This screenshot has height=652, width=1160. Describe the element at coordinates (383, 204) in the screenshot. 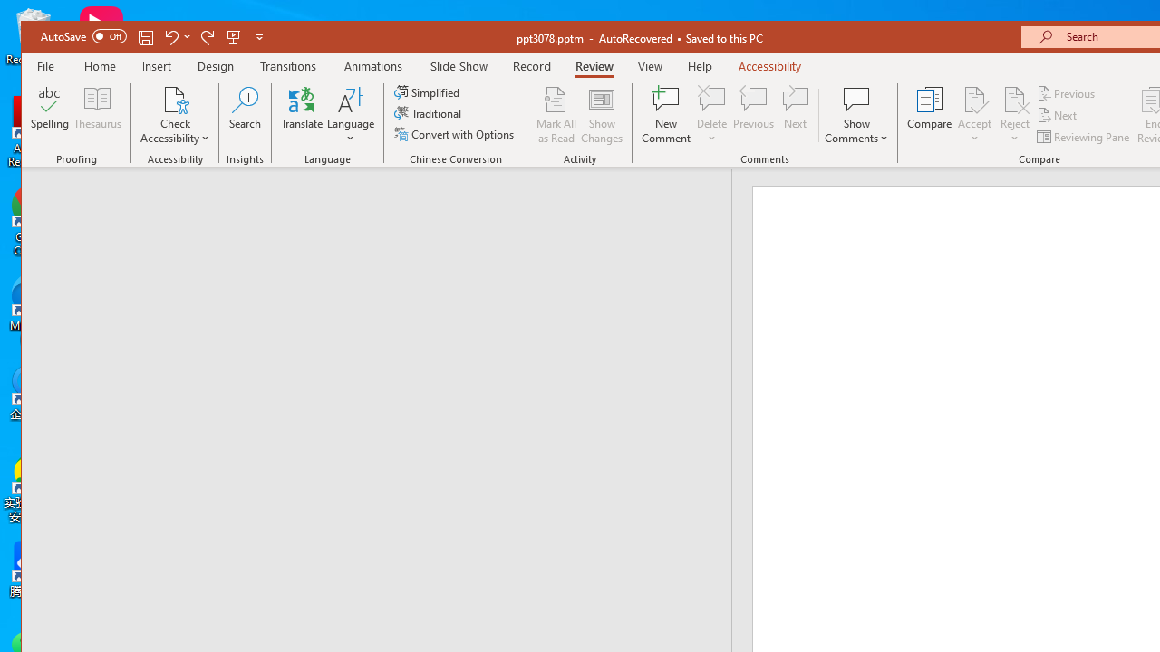

I see `'Outline'` at that location.